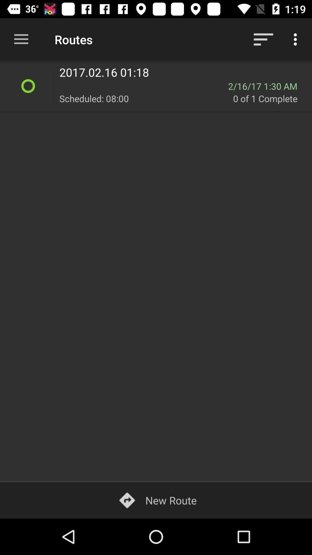 Image resolution: width=312 pixels, height=555 pixels. Describe the element at coordinates (143, 86) in the screenshot. I see `icon to the left of 2 16 17 item` at that location.